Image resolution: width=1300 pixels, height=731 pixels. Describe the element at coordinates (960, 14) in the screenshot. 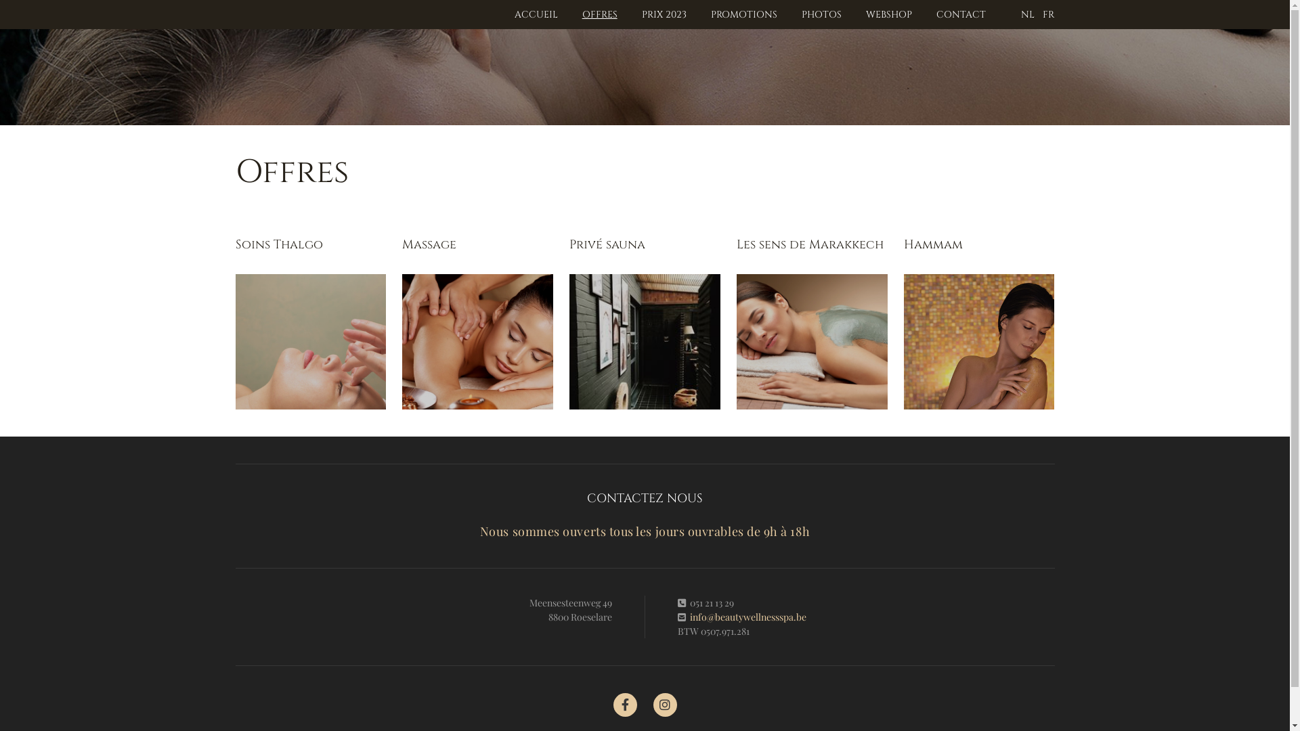

I see `'CONTACT'` at that location.